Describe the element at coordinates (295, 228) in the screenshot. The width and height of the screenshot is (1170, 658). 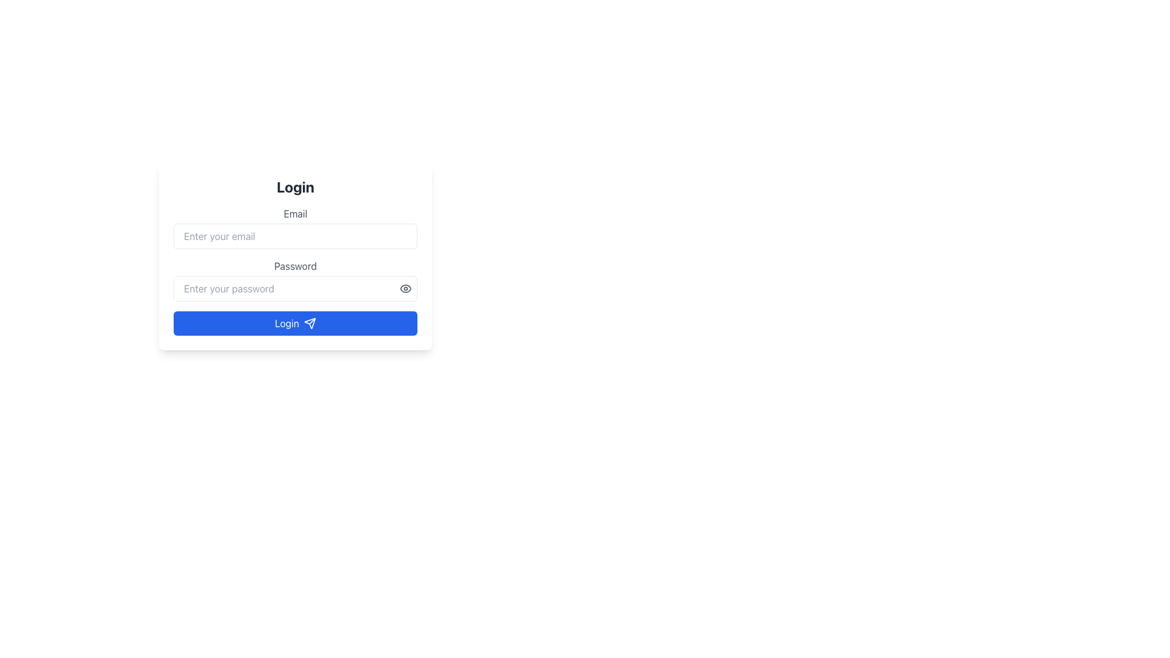
I see `the input field labeled 'Email' to focus it, which is styled with rounded edges and a placeholder 'Enter your email'` at that location.